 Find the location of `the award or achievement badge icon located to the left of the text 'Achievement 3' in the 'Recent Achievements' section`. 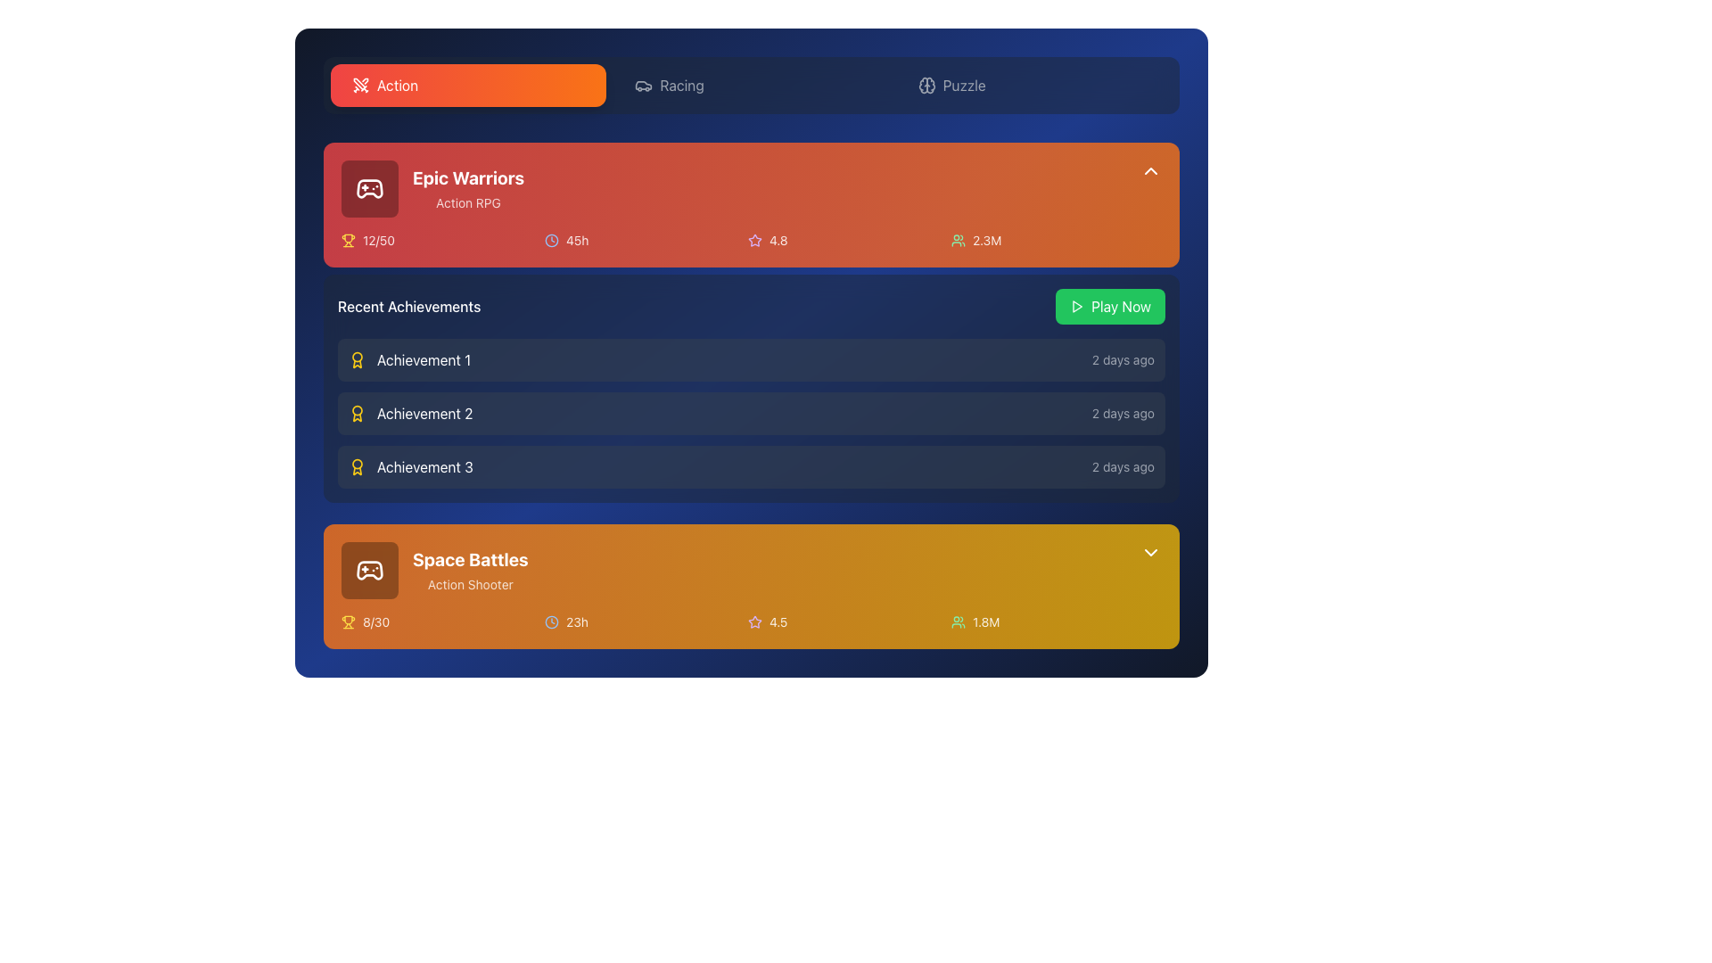

the award or achievement badge icon located to the left of the text 'Achievement 3' in the 'Recent Achievements' section is located at coordinates (357, 466).